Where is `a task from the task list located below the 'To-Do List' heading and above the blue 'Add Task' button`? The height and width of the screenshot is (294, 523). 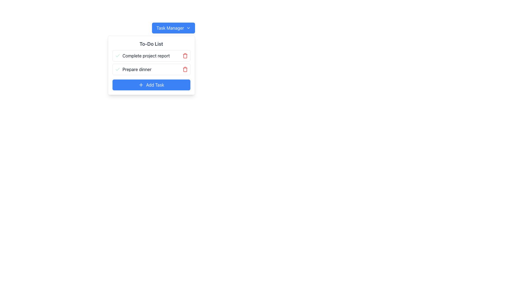
a task from the task list located below the 'To-Do List' heading and above the blue 'Add Task' button is located at coordinates (151, 62).